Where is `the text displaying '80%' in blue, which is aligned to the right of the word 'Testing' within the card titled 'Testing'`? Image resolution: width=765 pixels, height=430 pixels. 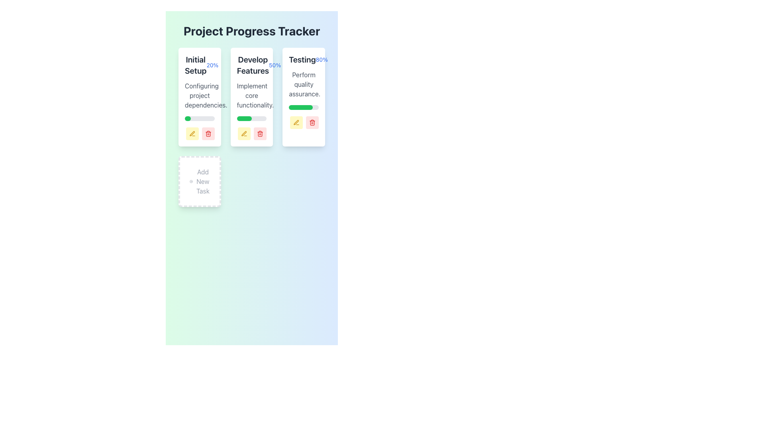
the text displaying '80%' in blue, which is aligned to the right of the word 'Testing' within the card titled 'Testing' is located at coordinates (322, 59).